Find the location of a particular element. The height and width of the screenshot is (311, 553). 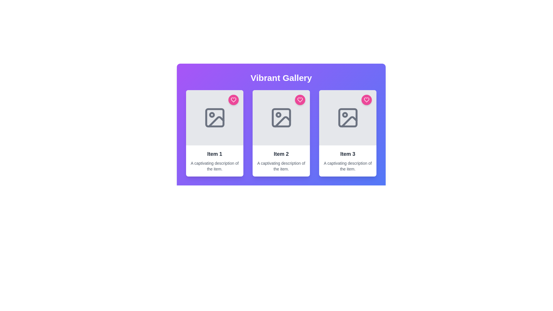

text content of the informational text area that includes the bold title 'Item 2' and the description 'A captivating description of the item.' is located at coordinates (281, 161).